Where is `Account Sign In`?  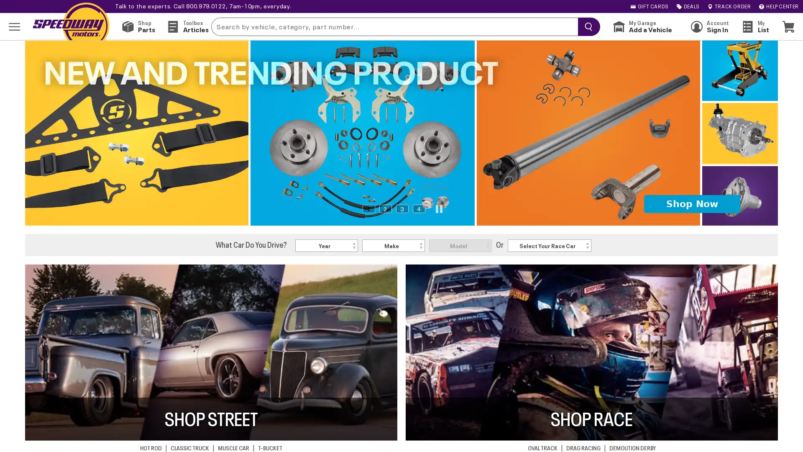 Account Sign In is located at coordinates (709, 26).